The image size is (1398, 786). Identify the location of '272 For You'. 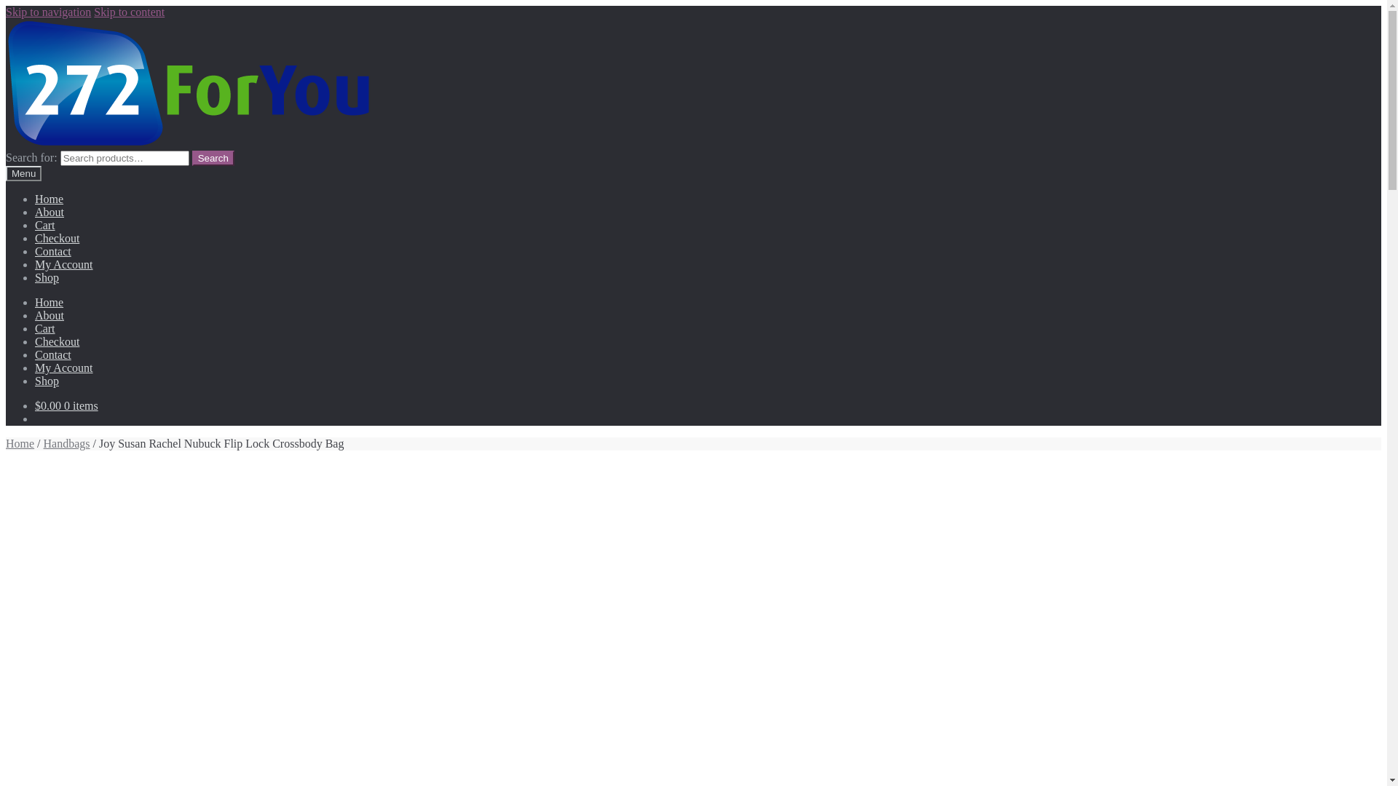
(188, 83).